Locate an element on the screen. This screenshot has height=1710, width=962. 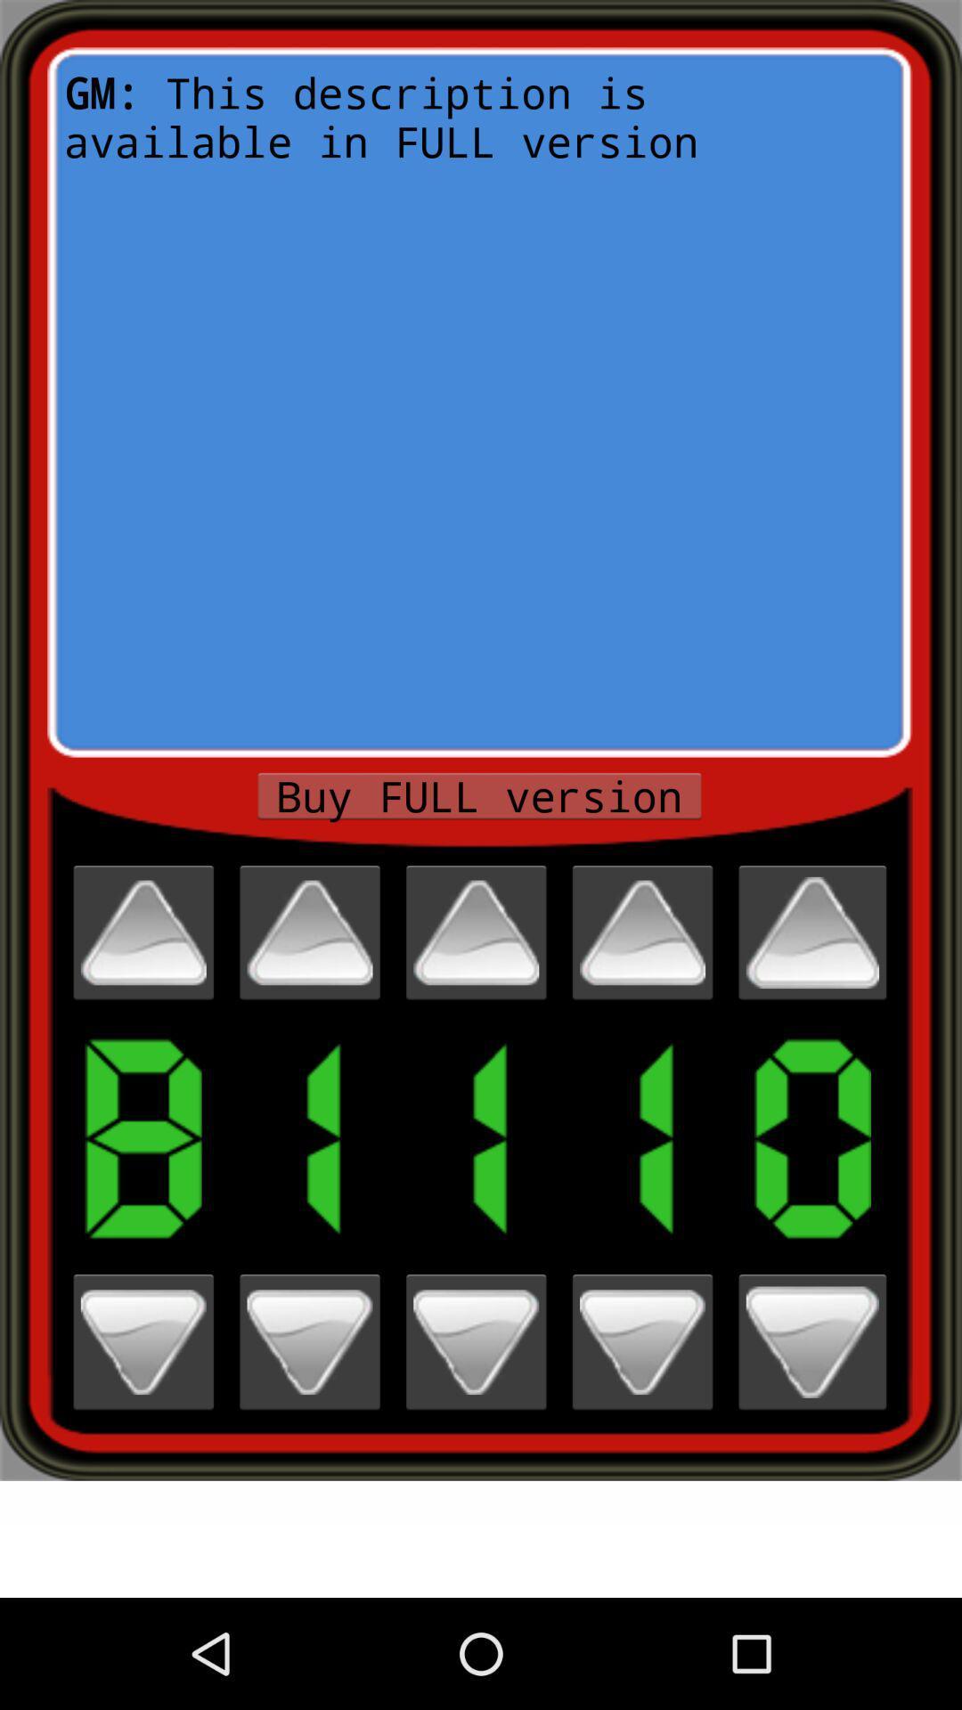
icon at the top is located at coordinates (478, 401).